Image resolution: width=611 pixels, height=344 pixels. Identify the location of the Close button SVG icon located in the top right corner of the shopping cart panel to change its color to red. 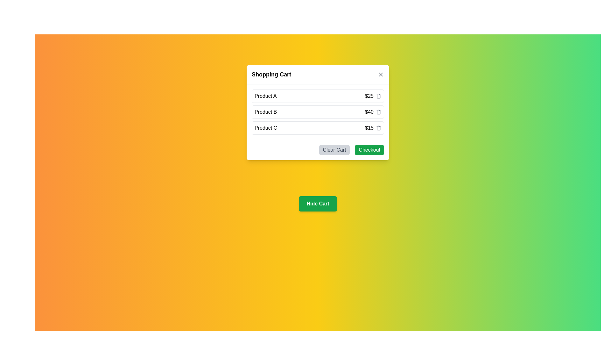
(381, 74).